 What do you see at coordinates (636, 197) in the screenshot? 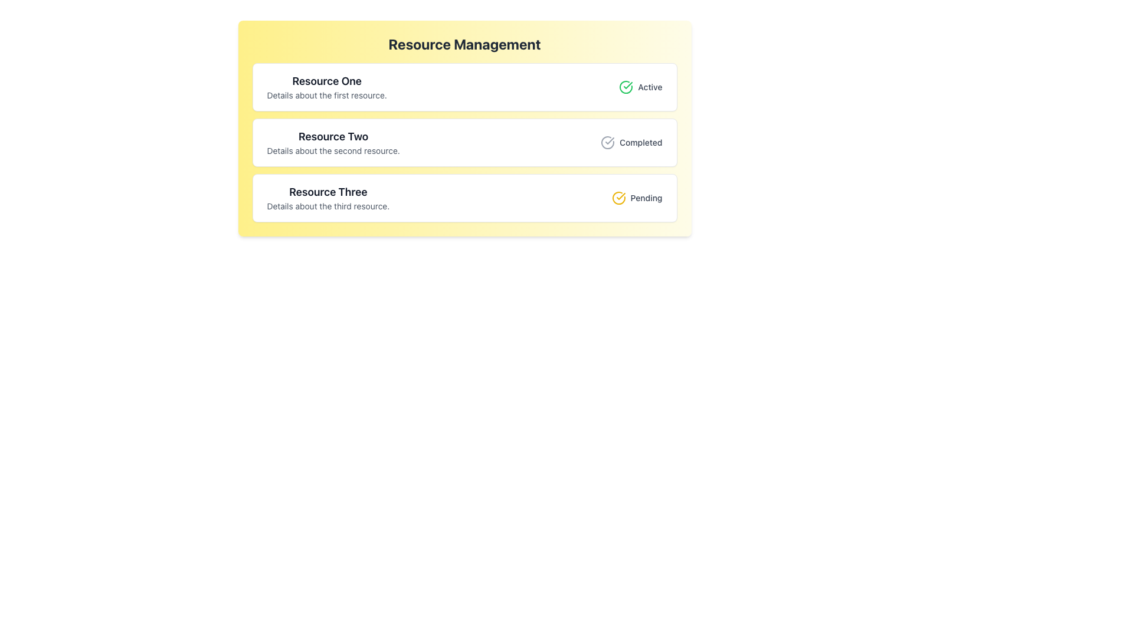
I see `the Status indicator representing the resource's current state as 'Pending' in the 'Resource Three' section of the UI` at bounding box center [636, 197].